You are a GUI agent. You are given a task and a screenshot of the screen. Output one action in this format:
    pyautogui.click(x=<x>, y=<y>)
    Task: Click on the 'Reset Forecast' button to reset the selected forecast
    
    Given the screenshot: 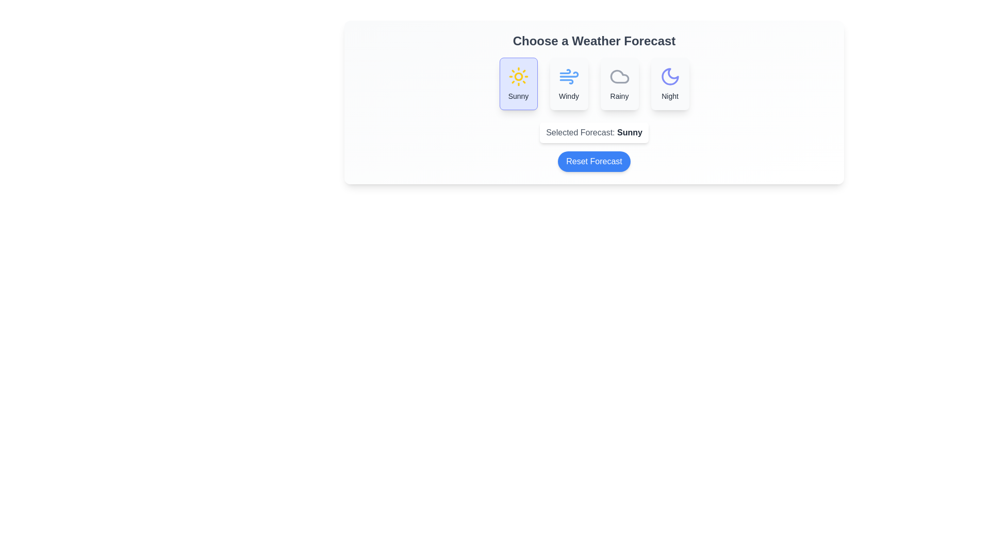 What is the action you would take?
    pyautogui.click(x=594, y=161)
    